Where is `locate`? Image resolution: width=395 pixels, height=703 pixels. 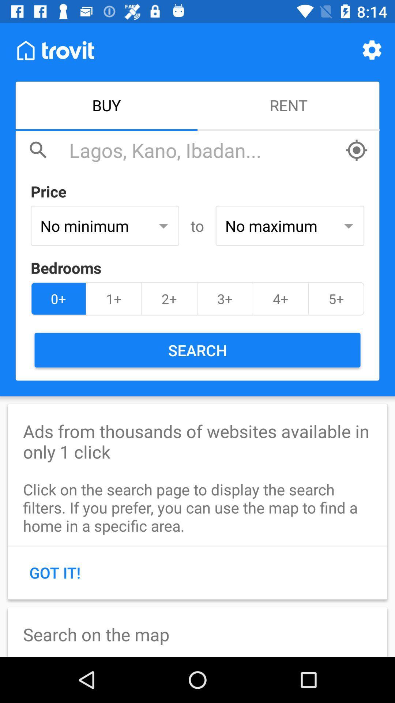 locate is located at coordinates (356, 150).